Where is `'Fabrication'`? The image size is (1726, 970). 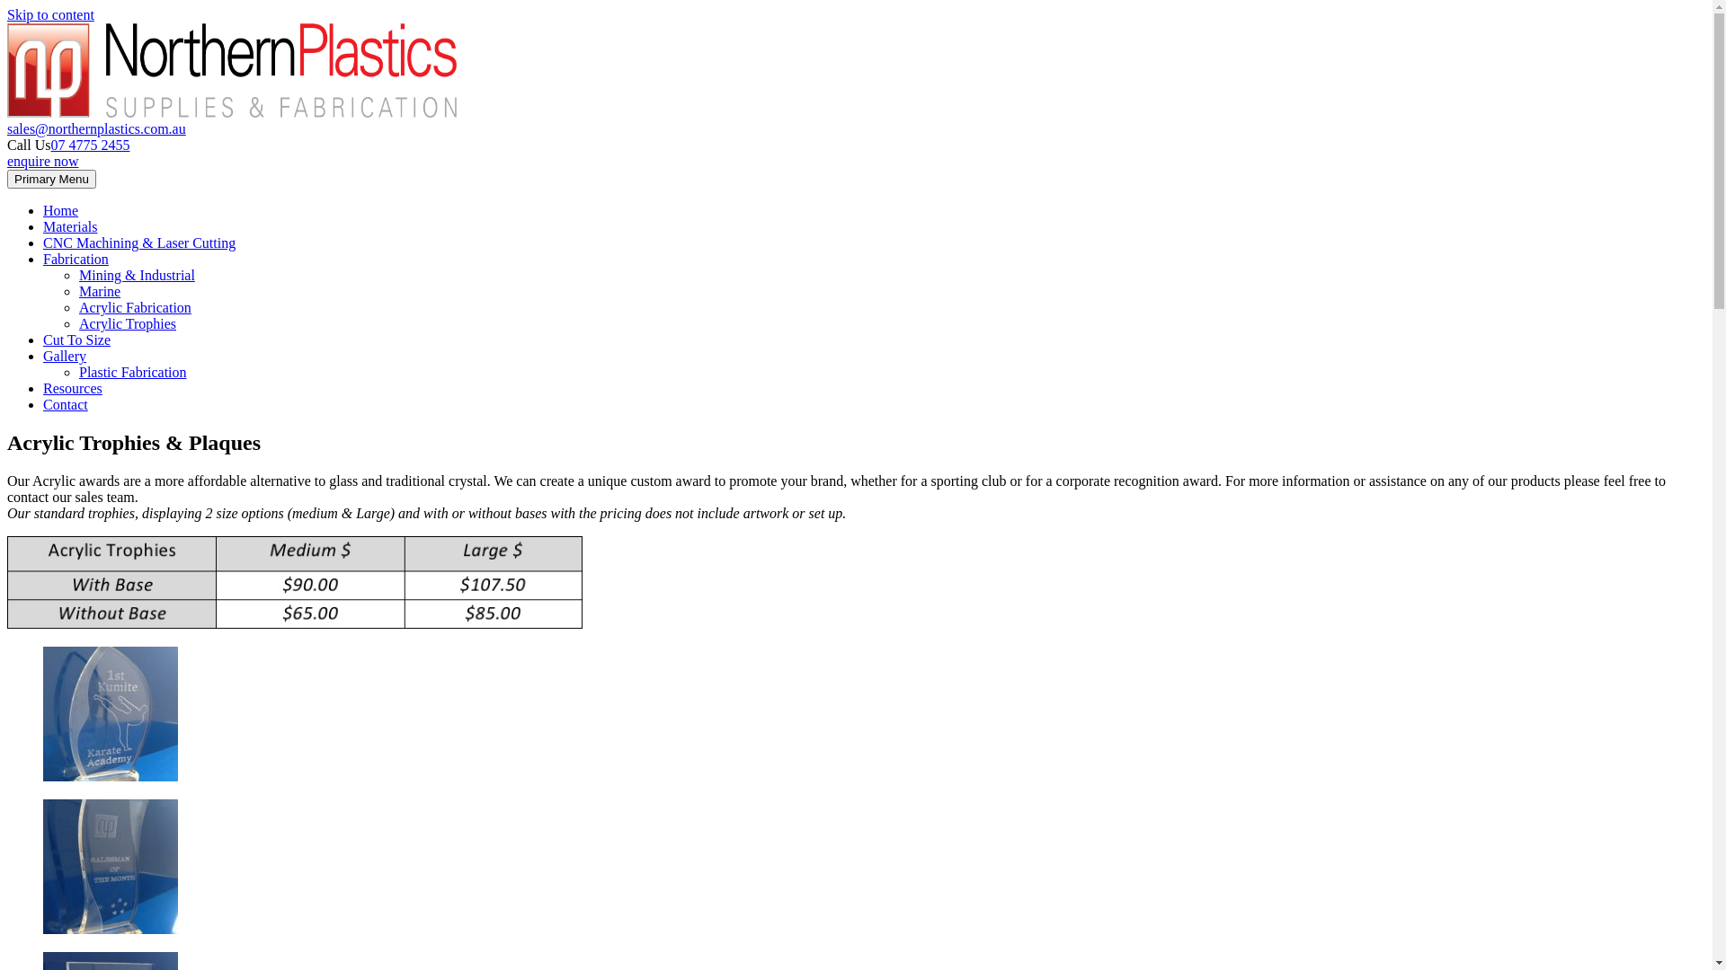
'Fabrication' is located at coordinates (75, 259).